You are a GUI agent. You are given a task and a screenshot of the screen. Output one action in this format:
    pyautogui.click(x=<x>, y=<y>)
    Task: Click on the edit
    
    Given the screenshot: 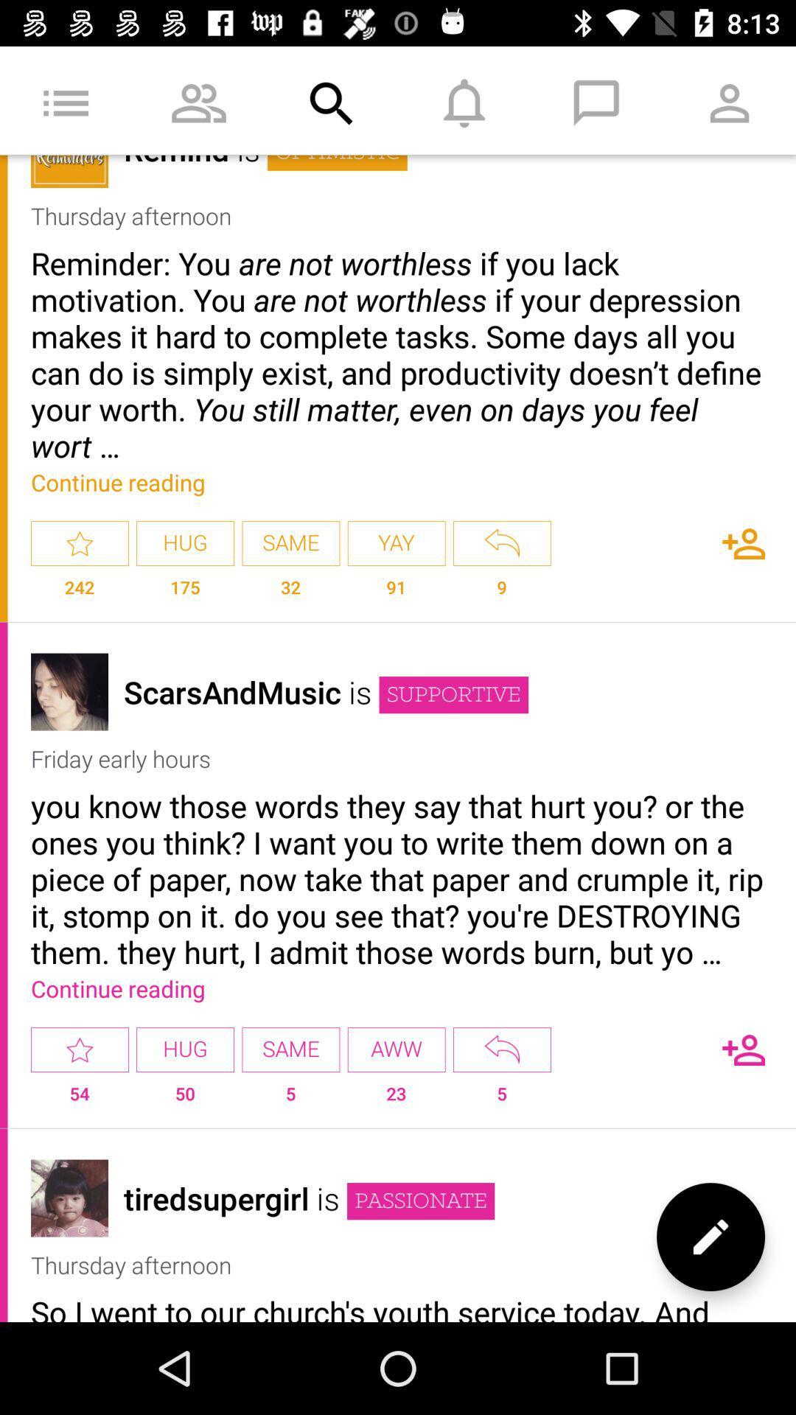 What is the action you would take?
    pyautogui.click(x=710, y=1237)
    